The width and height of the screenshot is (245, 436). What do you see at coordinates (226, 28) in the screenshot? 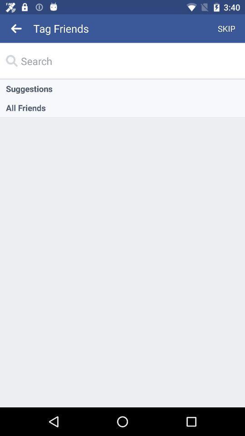
I see `skip item` at bounding box center [226, 28].